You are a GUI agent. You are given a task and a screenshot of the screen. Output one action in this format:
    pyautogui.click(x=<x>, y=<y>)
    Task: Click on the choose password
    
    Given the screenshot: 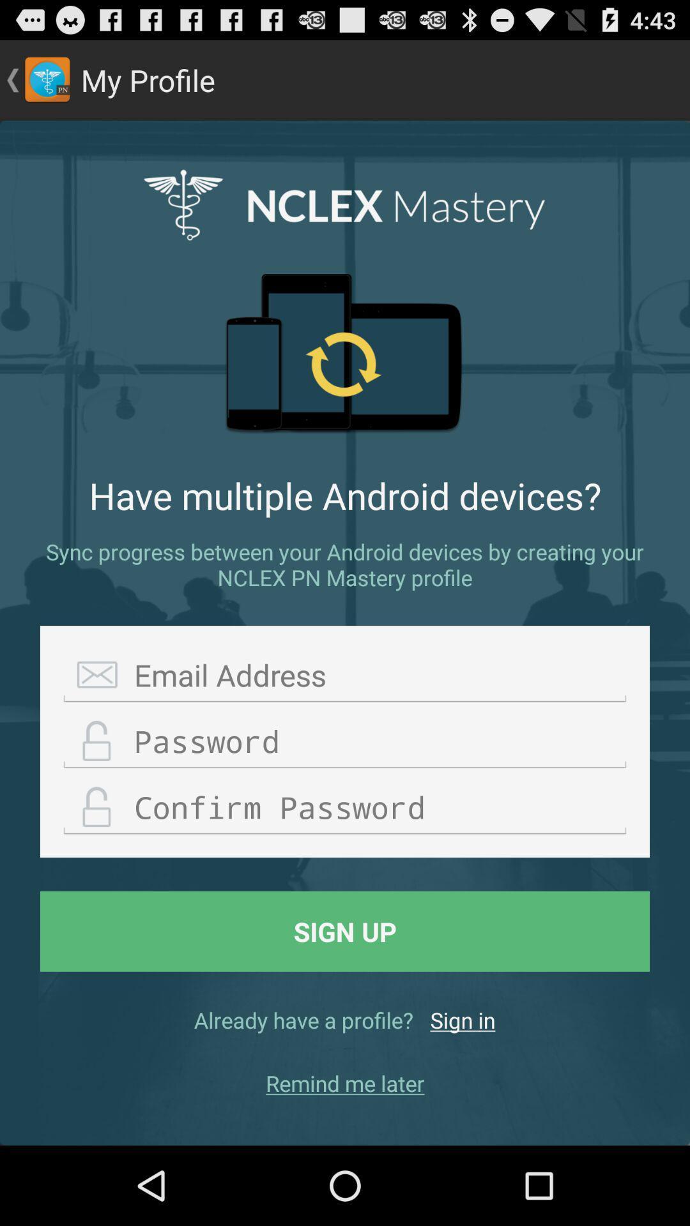 What is the action you would take?
    pyautogui.click(x=345, y=741)
    